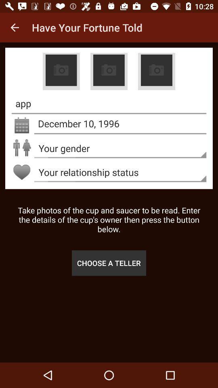  I want to click on a photo, so click(61, 71).